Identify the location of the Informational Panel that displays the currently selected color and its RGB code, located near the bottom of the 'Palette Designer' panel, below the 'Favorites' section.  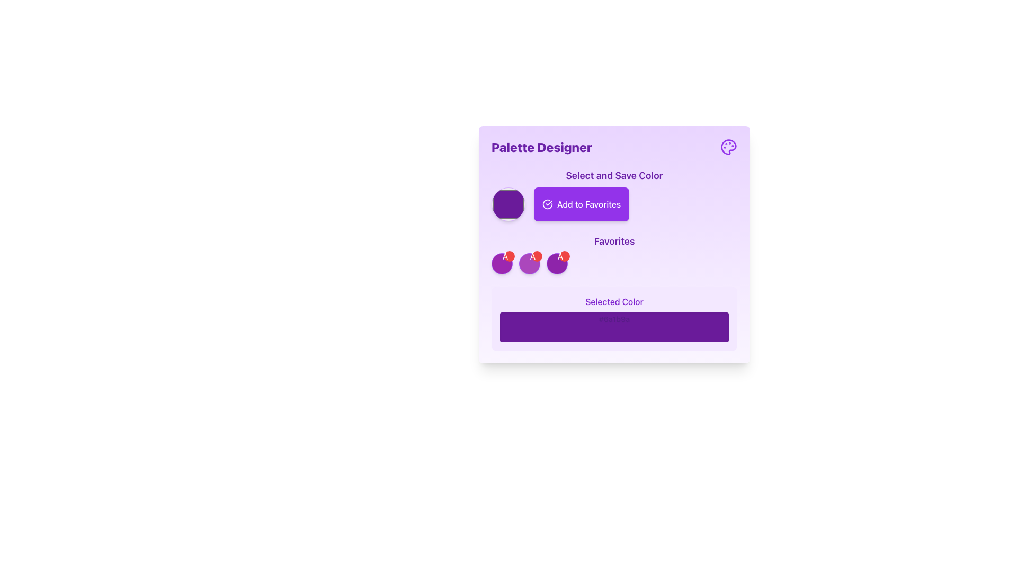
(614, 318).